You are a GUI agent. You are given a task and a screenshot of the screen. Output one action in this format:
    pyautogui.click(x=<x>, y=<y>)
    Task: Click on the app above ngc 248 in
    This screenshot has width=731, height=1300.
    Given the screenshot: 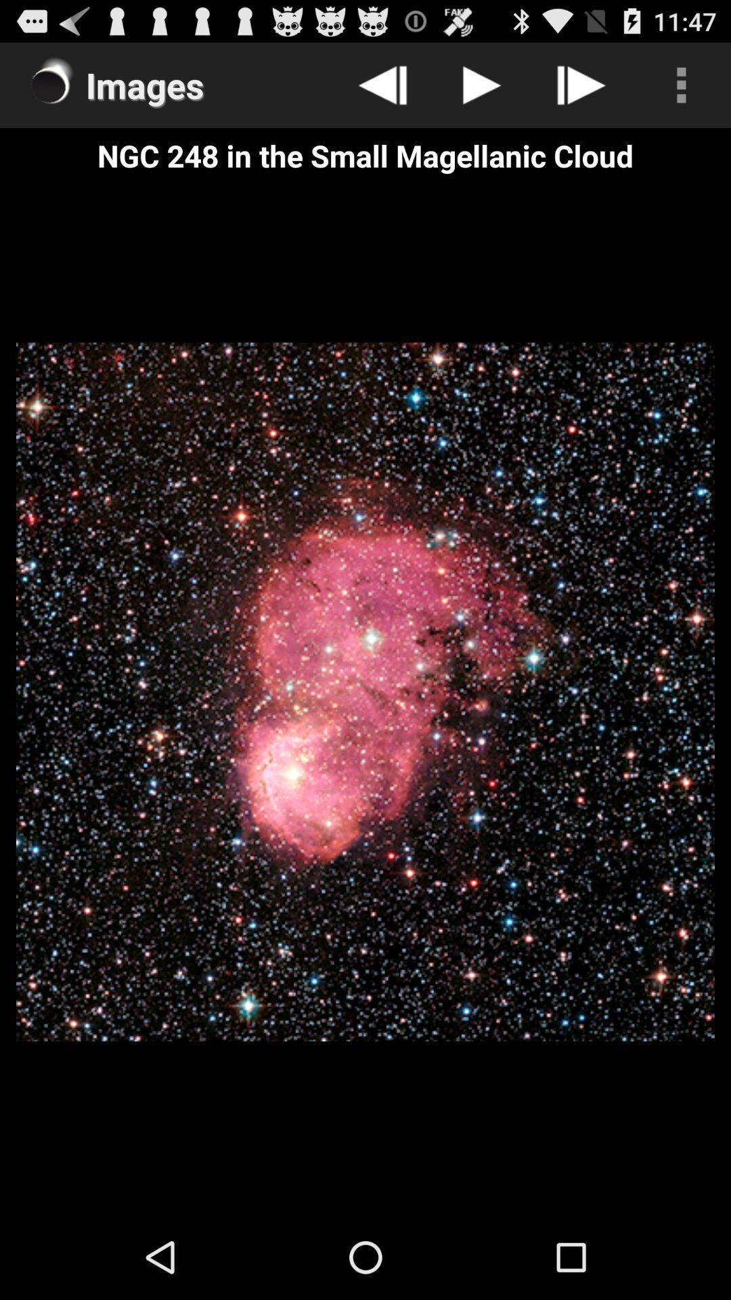 What is the action you would take?
    pyautogui.click(x=681, y=84)
    